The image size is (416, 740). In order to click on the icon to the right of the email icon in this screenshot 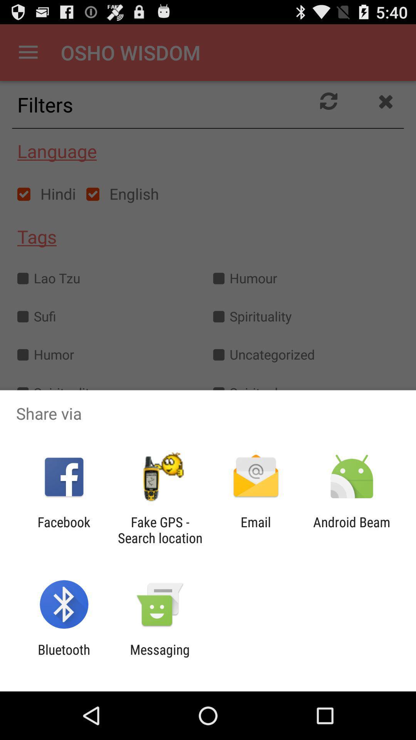, I will do `click(352, 530)`.